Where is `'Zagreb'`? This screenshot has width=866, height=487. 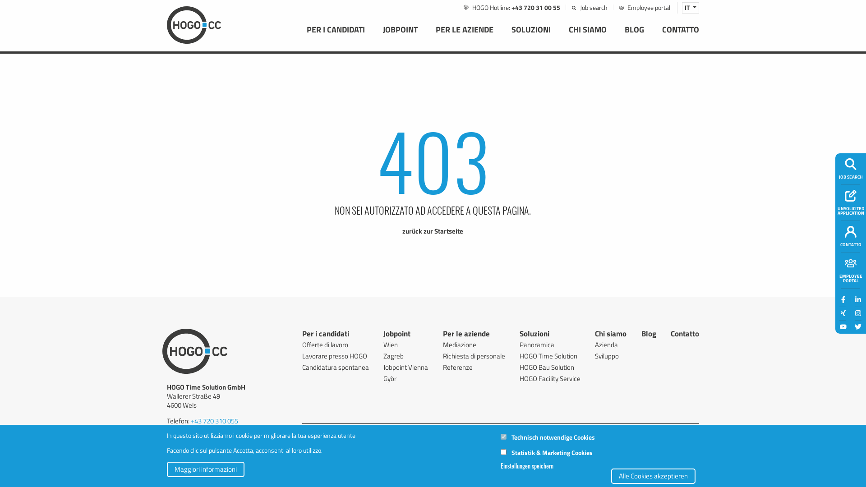 'Zagreb' is located at coordinates (405, 355).